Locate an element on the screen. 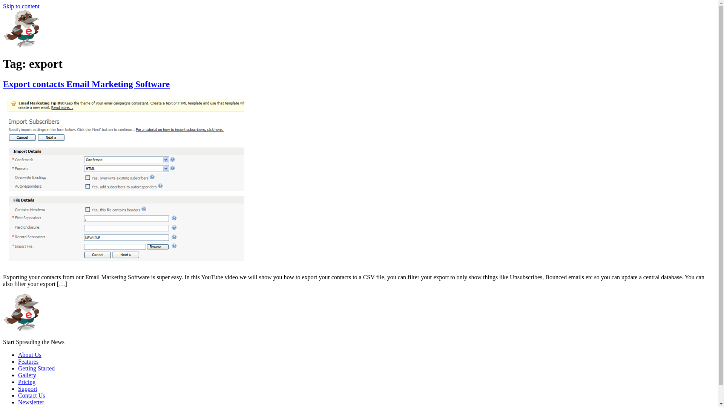 Image resolution: width=724 pixels, height=407 pixels. 'Support' is located at coordinates (28, 389).